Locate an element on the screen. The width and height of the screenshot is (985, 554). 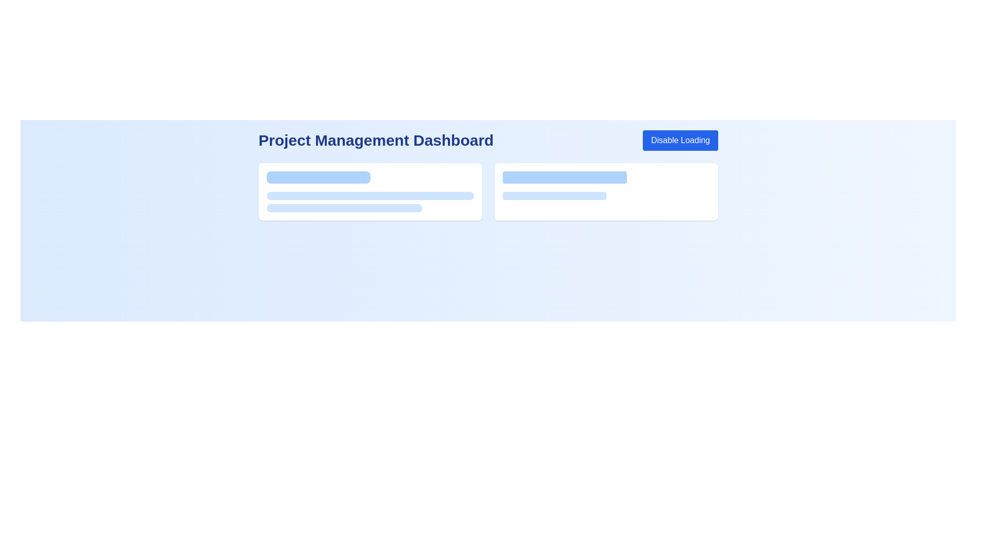
the button located on the top-right corner of the interface is located at coordinates (680, 140).